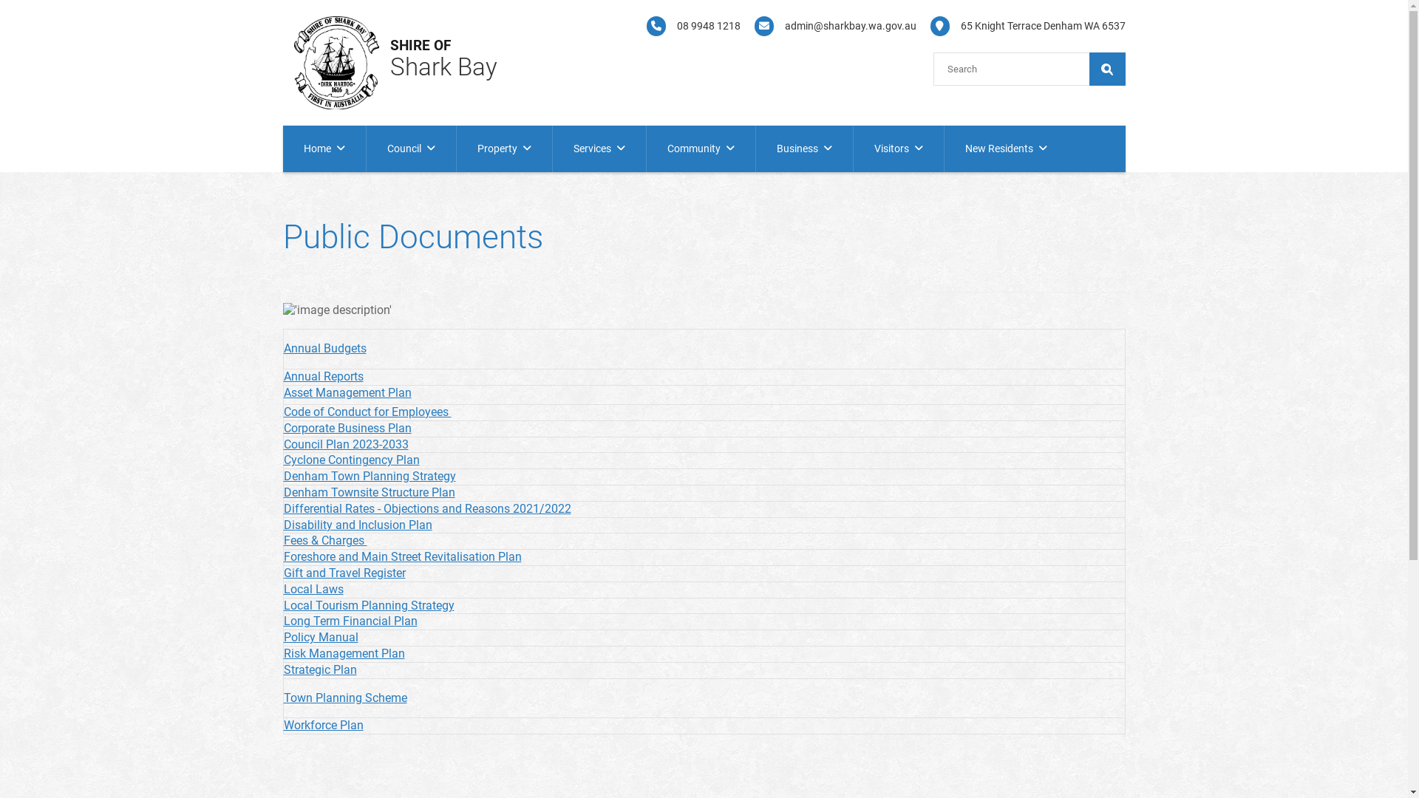  Describe the element at coordinates (344, 572) in the screenshot. I see `'Gift and Travel Register'` at that location.